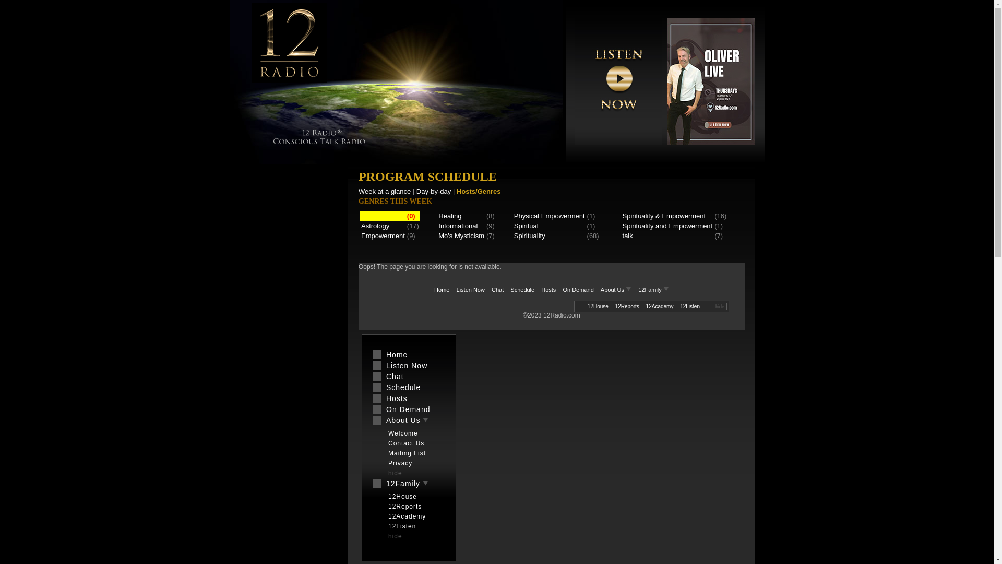 The height and width of the screenshot is (564, 1002). Describe the element at coordinates (383, 452) in the screenshot. I see `'Mailing List'` at that location.